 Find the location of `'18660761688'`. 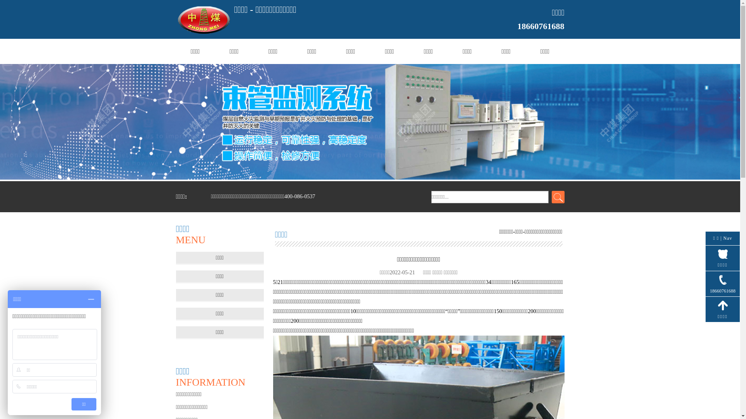

'18660761688' is located at coordinates (722, 284).